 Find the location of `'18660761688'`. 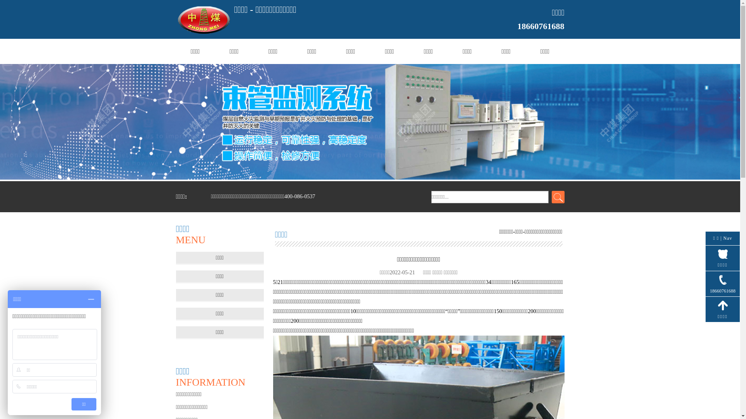

'18660761688' is located at coordinates (722, 284).